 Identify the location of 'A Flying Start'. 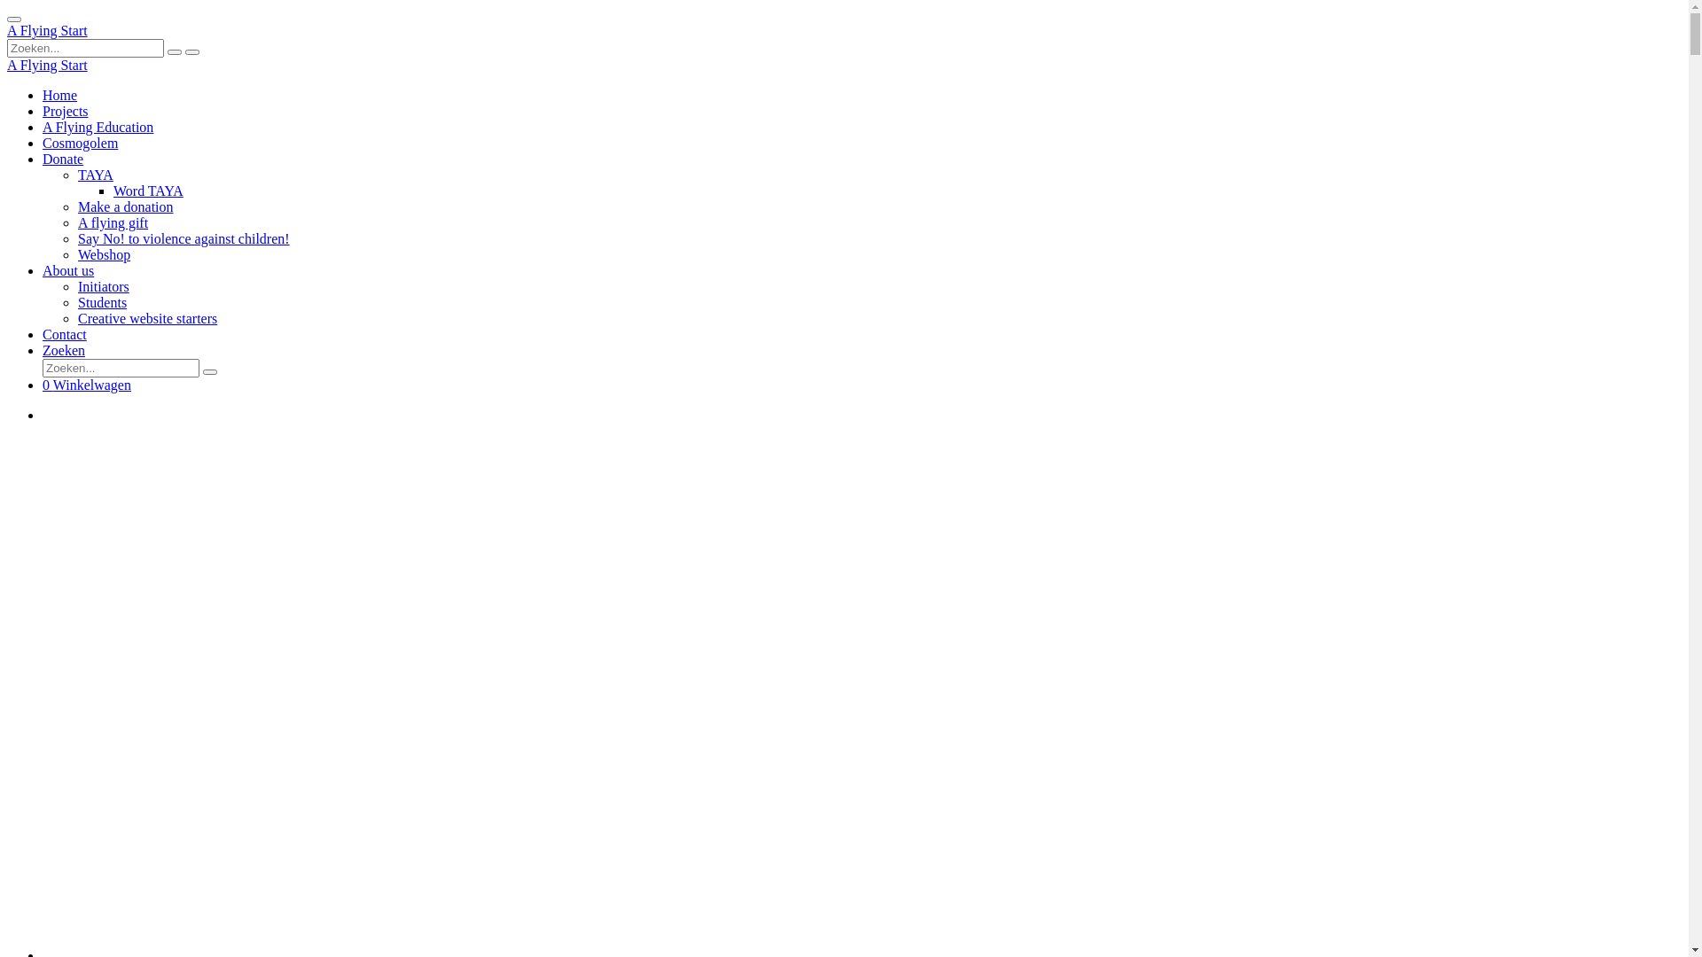
(47, 64).